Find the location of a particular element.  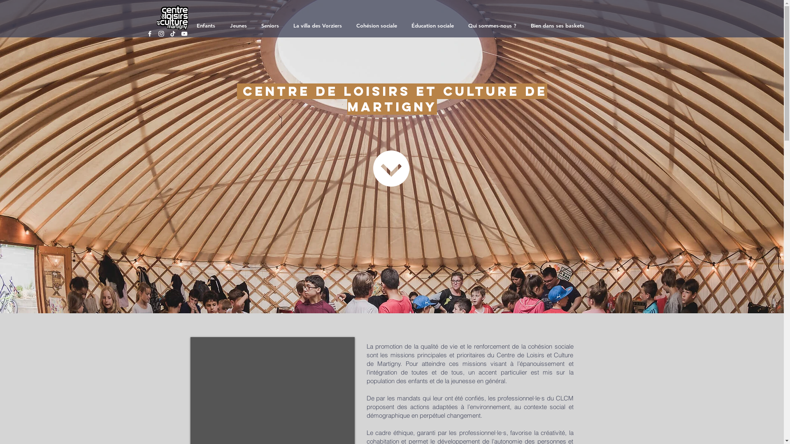

'Qui sommes-nous ?' is located at coordinates (493, 25).